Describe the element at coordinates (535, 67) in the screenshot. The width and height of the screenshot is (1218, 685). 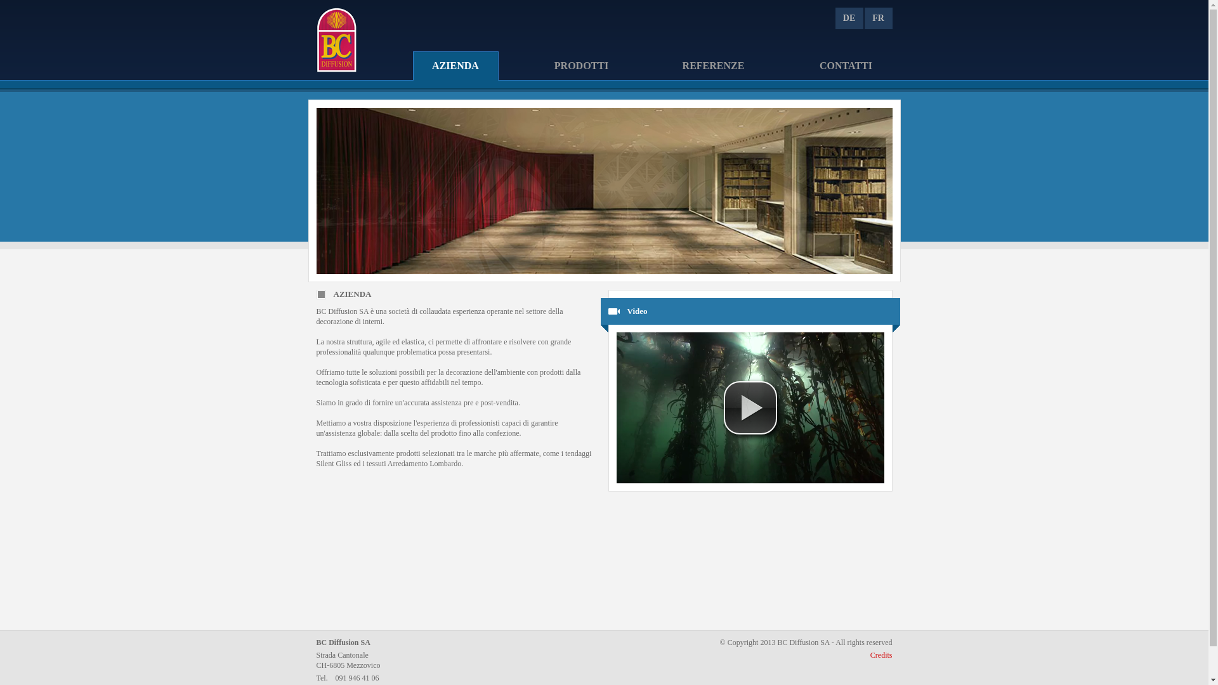
I see `'PRODOTTI'` at that location.